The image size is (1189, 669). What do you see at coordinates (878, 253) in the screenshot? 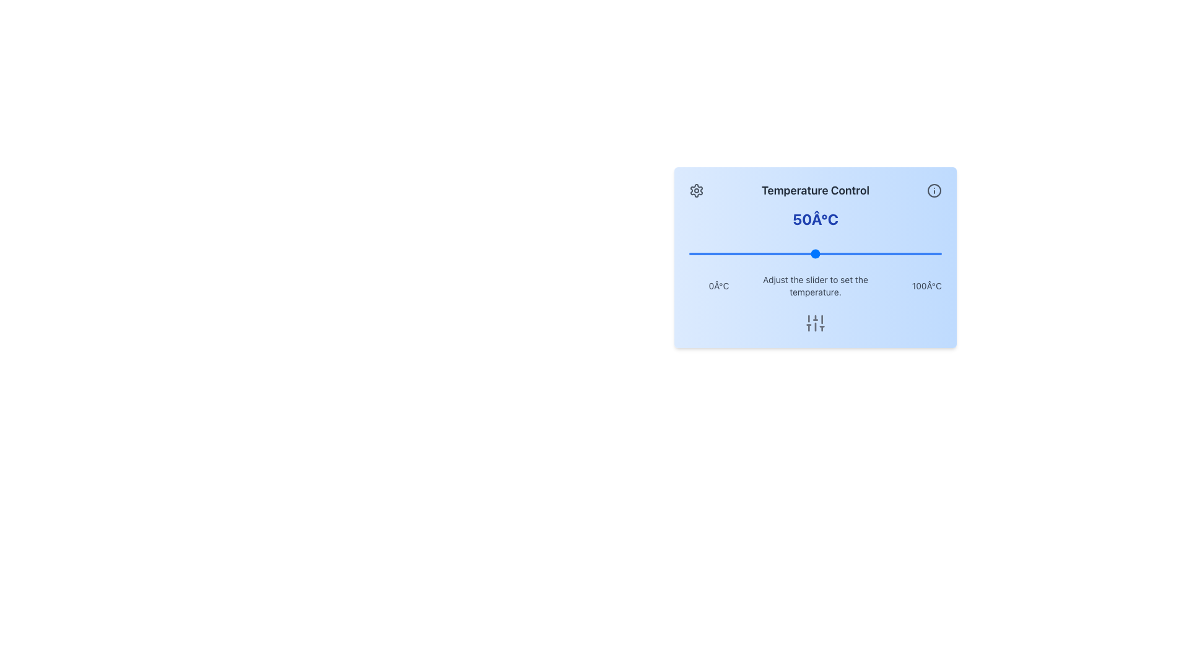
I see `the temperature` at bounding box center [878, 253].